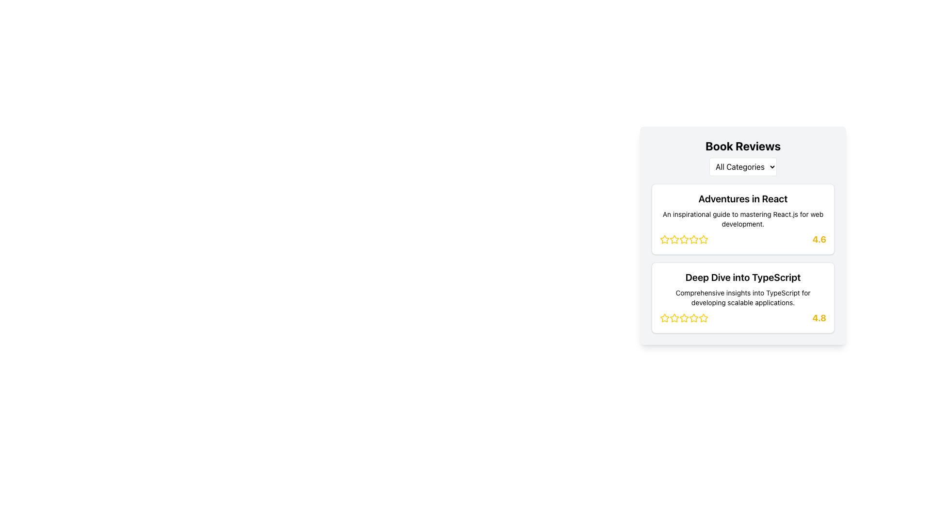 The height and width of the screenshot is (524, 931). What do you see at coordinates (742, 297) in the screenshot?
I see `descriptive text about a book detailing insights into TypeScript for scalable applications, located beneath the title 'Deep Dive into TypeScript' within the card layout` at bounding box center [742, 297].